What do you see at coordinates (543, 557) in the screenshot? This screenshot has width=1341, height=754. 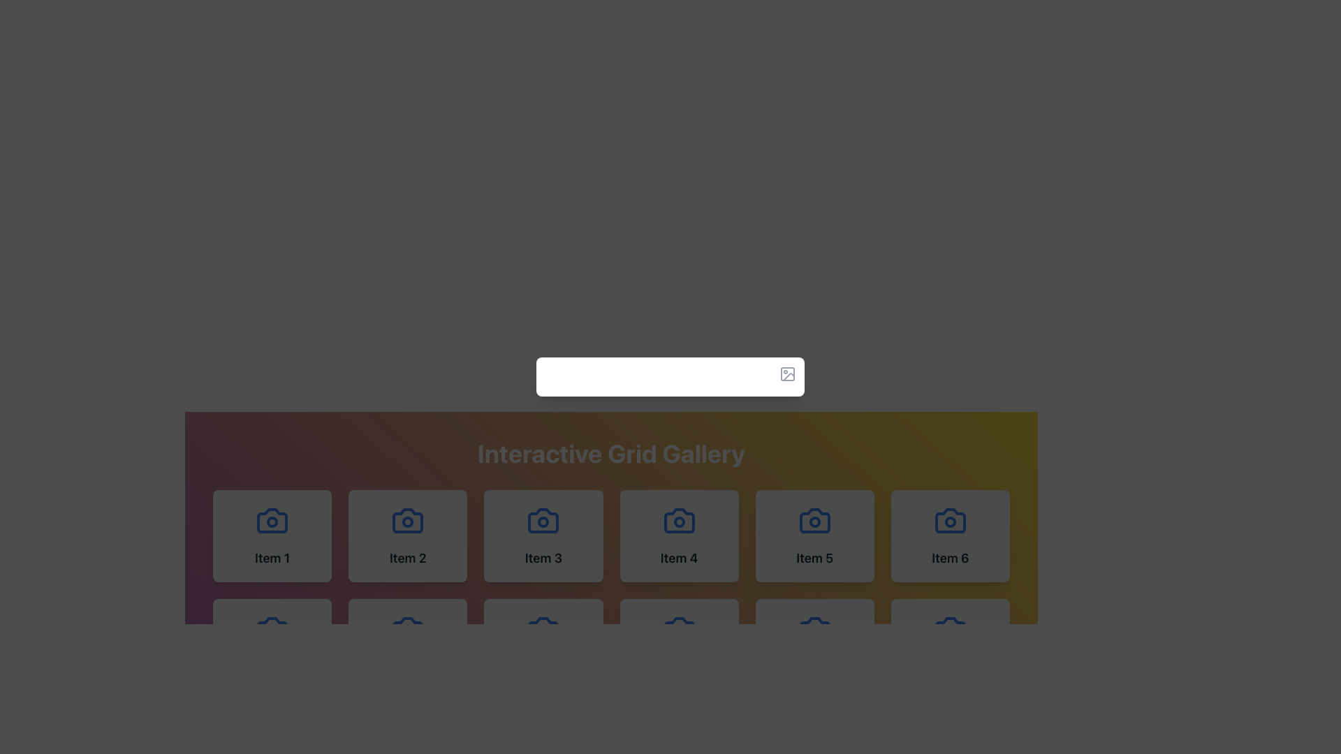 I see `text content of the Text Label that displays 'Item 3', which is styled in bold and medium-large font, located below a camera icon in a grid layout` at bounding box center [543, 557].